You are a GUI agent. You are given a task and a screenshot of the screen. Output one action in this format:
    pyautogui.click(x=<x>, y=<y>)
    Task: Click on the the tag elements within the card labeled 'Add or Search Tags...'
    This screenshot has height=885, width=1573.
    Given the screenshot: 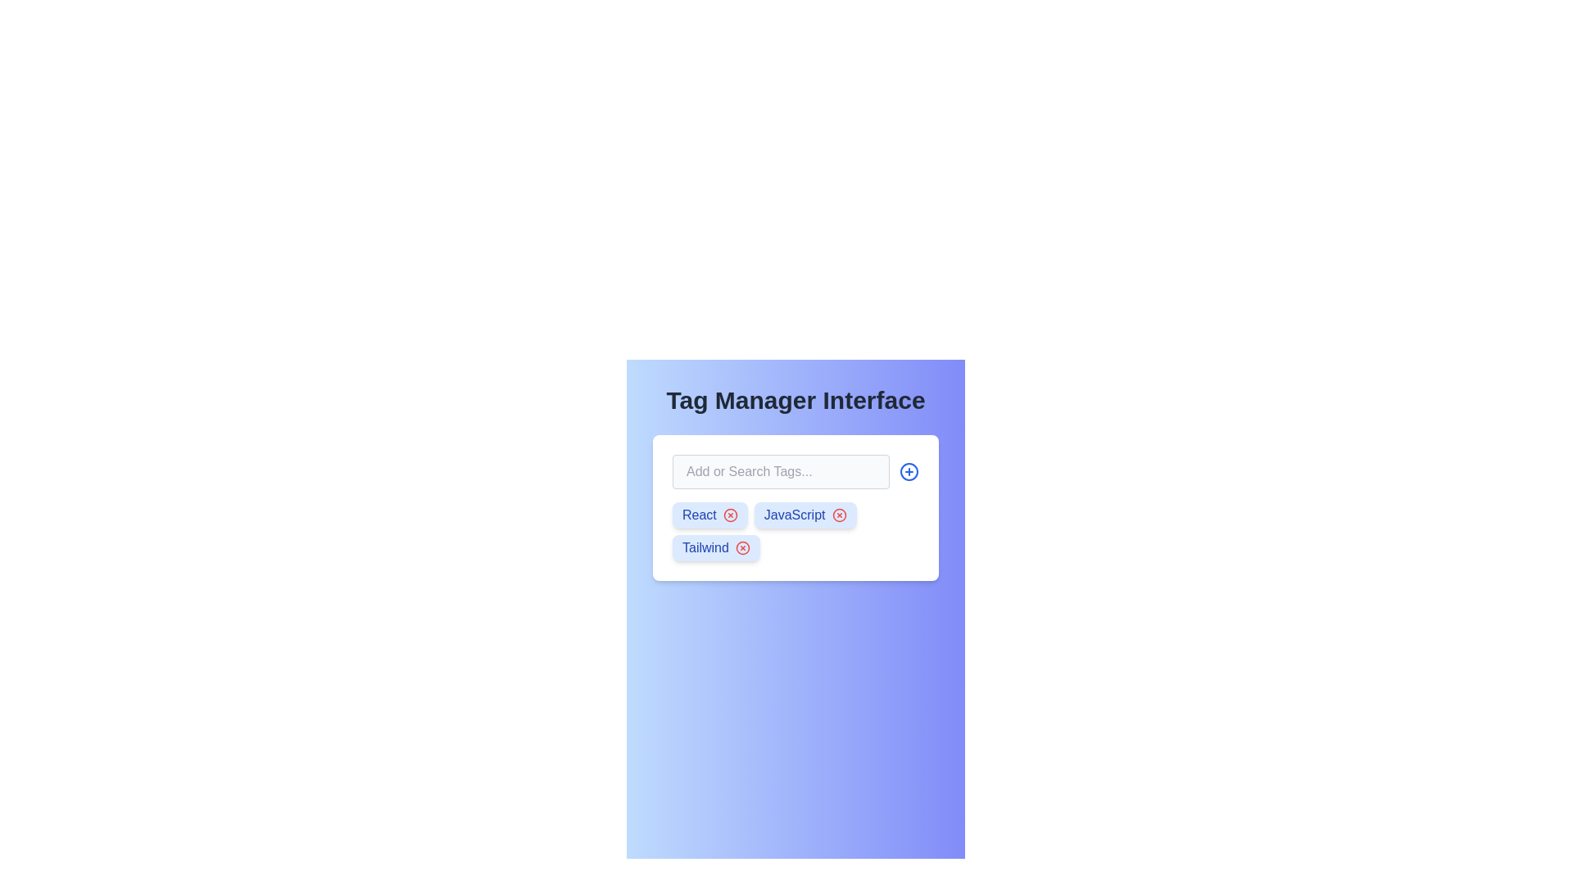 What is the action you would take?
    pyautogui.click(x=796, y=507)
    